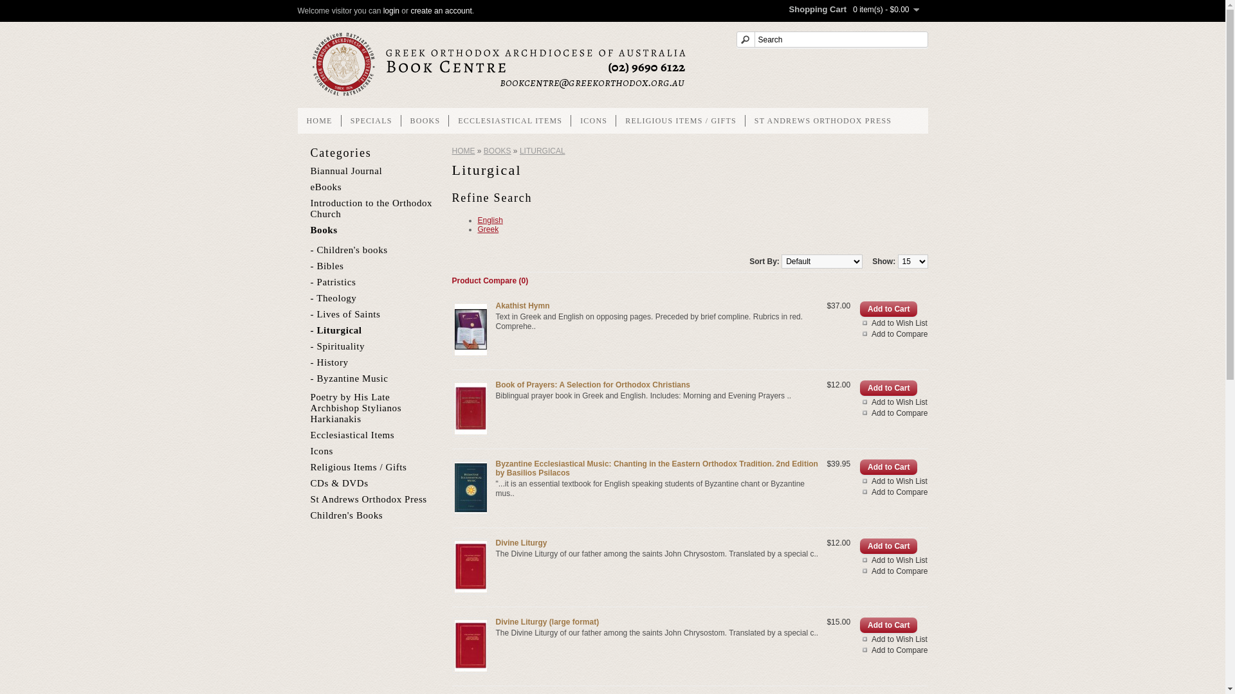 The width and height of the screenshot is (1235, 694). What do you see at coordinates (370, 208) in the screenshot?
I see `'Introduction to the Orthodox Church'` at bounding box center [370, 208].